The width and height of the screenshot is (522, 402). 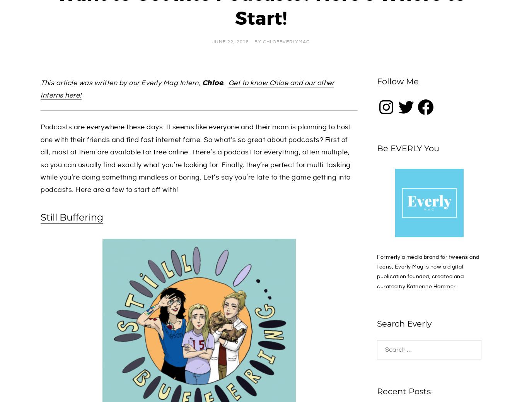 I want to click on 'June 22, 2018', so click(x=230, y=41).